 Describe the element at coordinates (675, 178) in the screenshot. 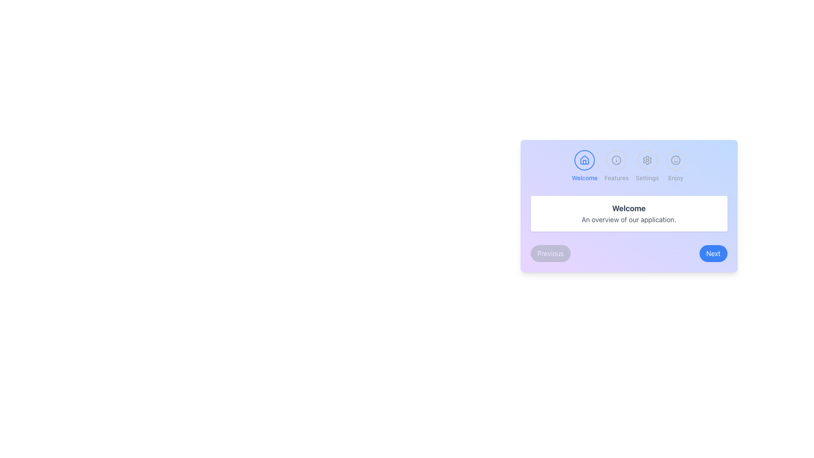

I see `the static text label that displays the word 'Enjoy', which is styled with medium font weight and located at the top of the interface, directly below a smiling face icon` at that location.